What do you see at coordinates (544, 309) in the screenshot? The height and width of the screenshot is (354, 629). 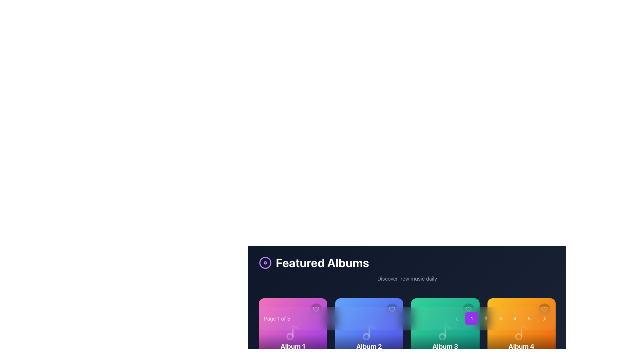 I see `the favorite icon button located in the top-right corner of the orange-colored album card labeled 'Album 4'` at bounding box center [544, 309].